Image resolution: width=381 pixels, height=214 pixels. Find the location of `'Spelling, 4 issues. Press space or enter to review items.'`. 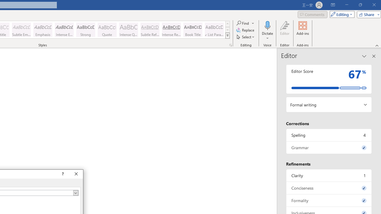

'Spelling, 4 issues. Press space or enter to review items.' is located at coordinates (329, 135).